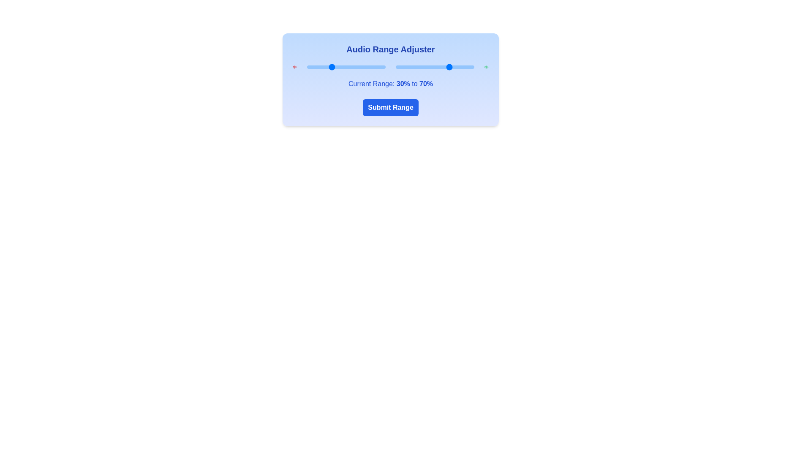 The height and width of the screenshot is (456, 811). I want to click on the slider, so click(308, 66).